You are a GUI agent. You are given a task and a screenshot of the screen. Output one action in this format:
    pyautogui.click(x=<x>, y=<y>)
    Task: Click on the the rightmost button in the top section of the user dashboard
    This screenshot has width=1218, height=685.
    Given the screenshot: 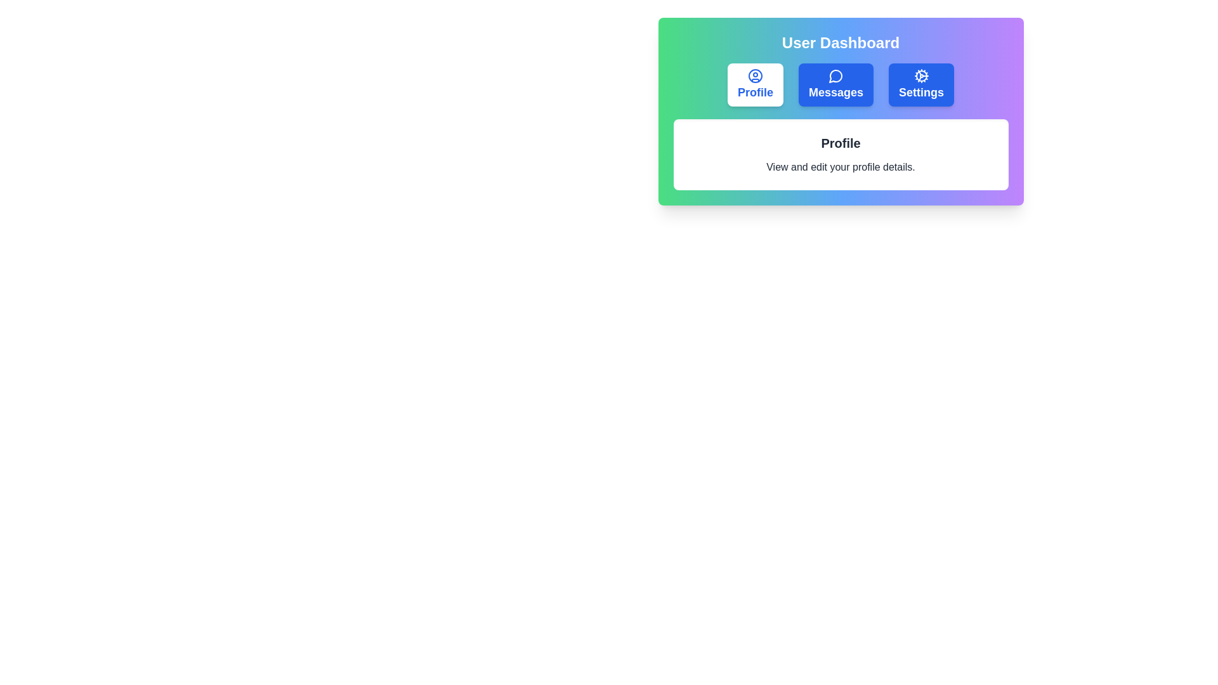 What is the action you would take?
    pyautogui.click(x=921, y=85)
    